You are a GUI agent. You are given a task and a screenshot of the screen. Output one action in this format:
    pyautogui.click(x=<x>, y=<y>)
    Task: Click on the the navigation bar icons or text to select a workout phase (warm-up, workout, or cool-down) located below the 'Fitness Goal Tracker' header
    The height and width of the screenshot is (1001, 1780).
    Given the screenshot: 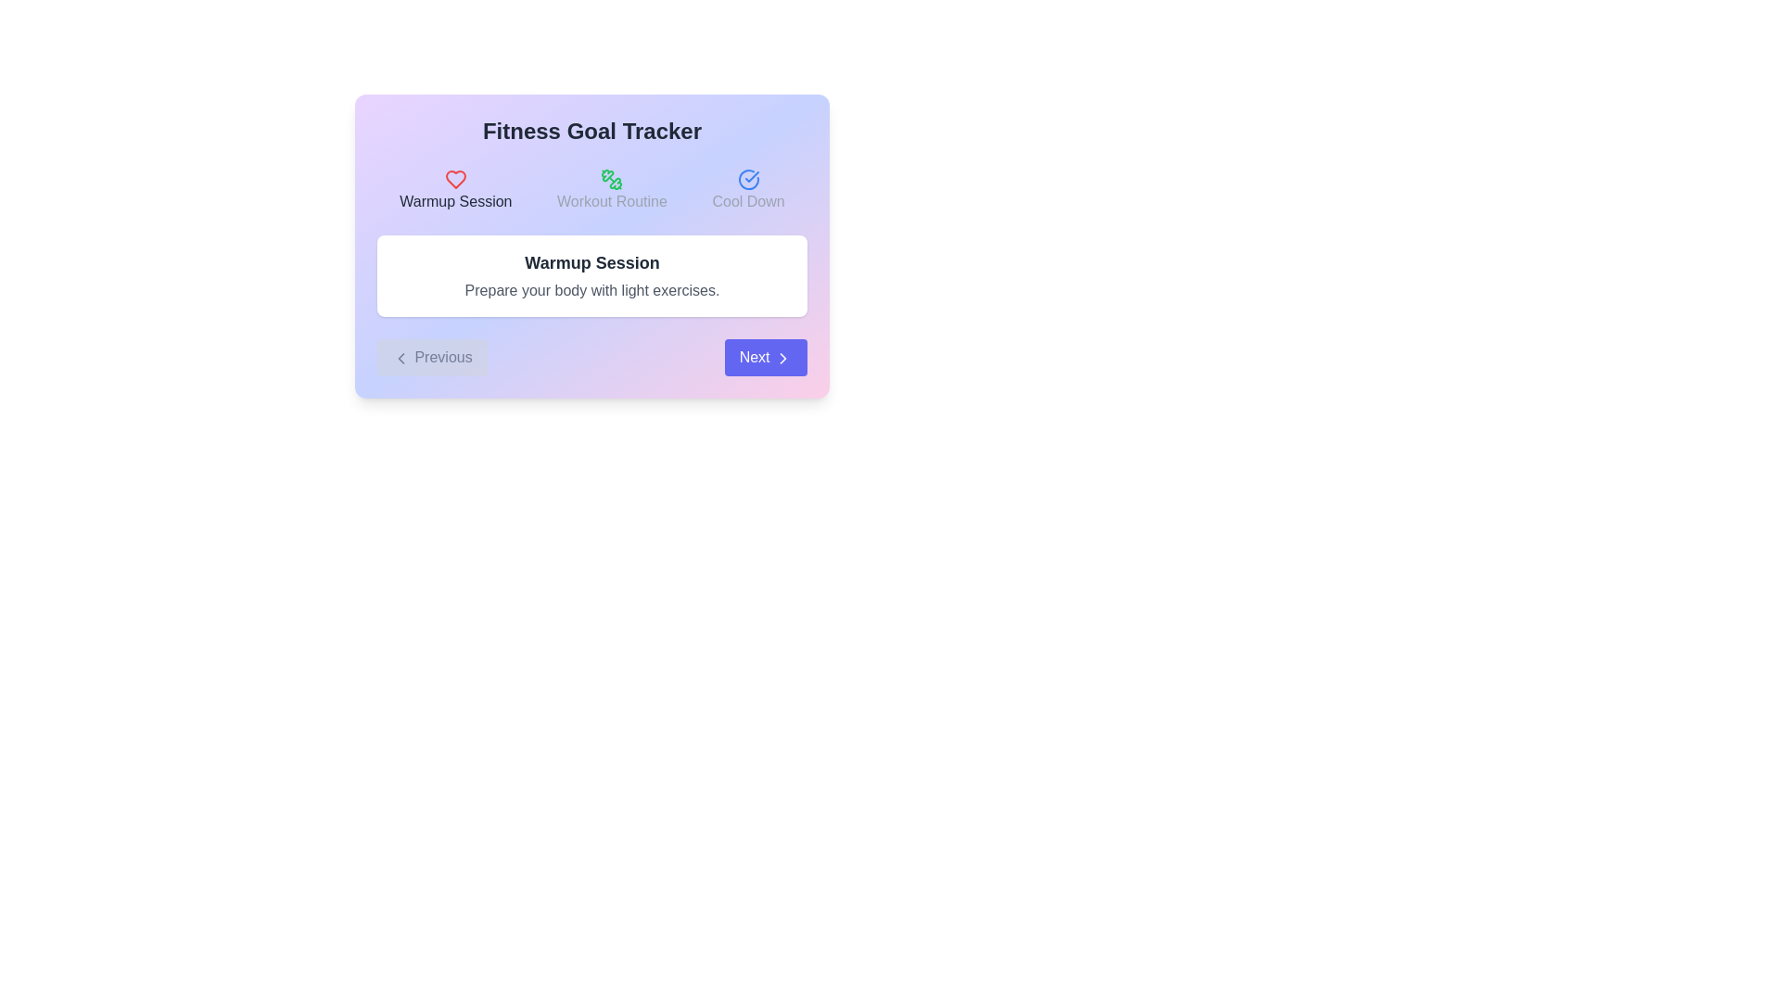 What is the action you would take?
    pyautogui.click(x=591, y=190)
    